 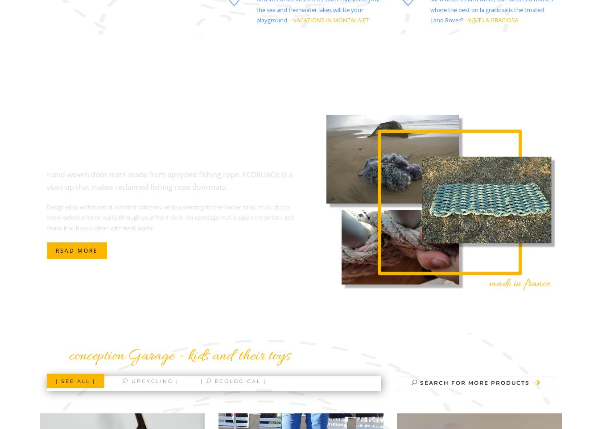 What do you see at coordinates (179, 356) in the screenshot?
I see `'conception Garage - kids and their toys'` at bounding box center [179, 356].